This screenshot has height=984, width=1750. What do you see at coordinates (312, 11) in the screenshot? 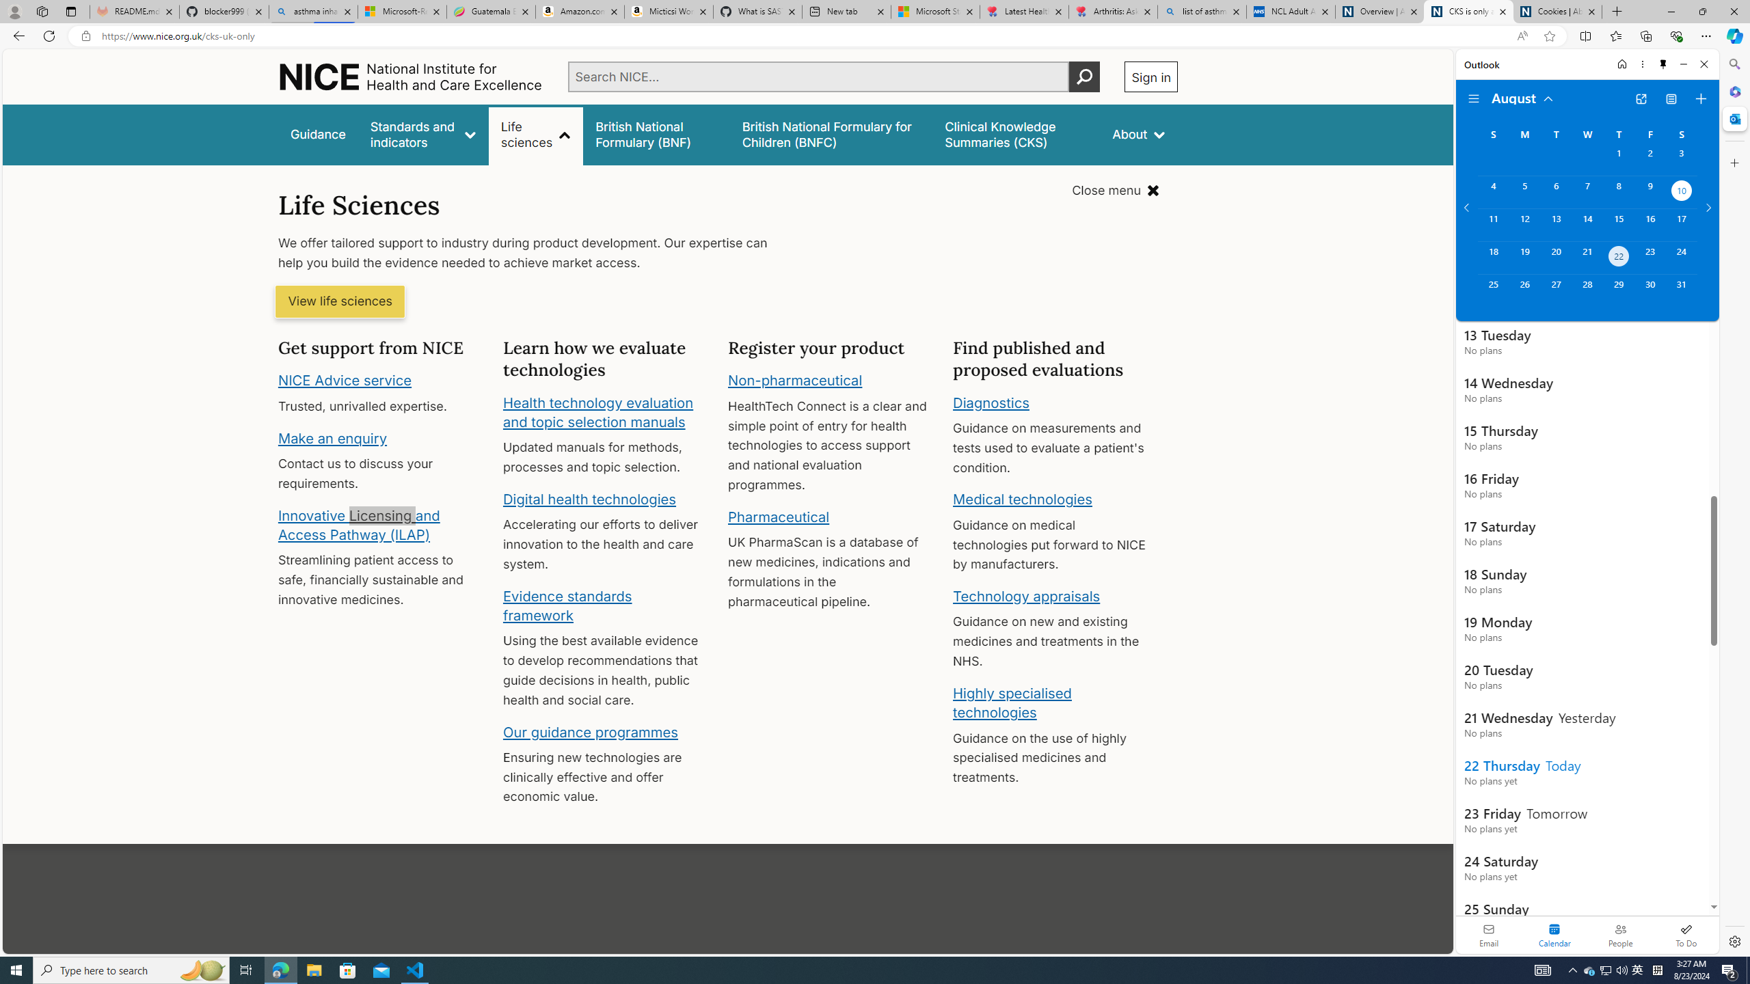
I see `'asthma inhaler - Search'` at bounding box center [312, 11].